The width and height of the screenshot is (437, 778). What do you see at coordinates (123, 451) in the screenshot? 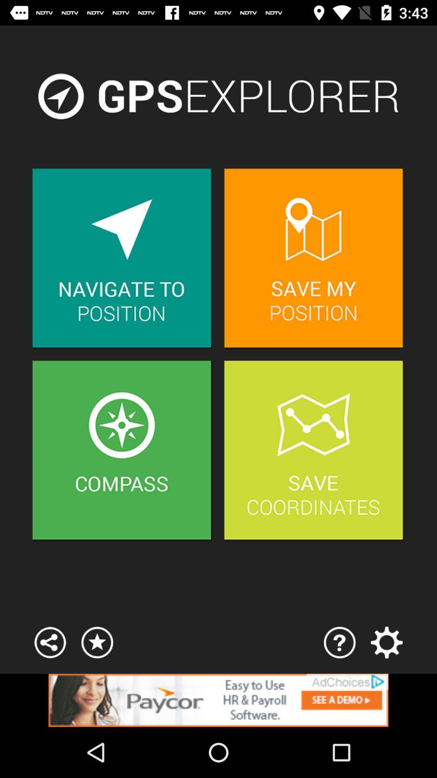
I see `access the compass` at bounding box center [123, 451].